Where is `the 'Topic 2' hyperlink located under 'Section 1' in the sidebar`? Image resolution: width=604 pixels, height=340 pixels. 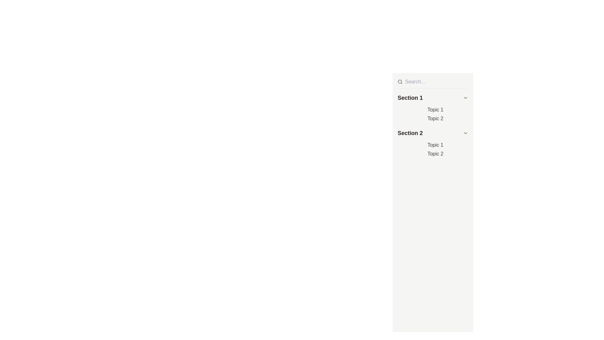
the 'Topic 2' hyperlink located under 'Section 1' in the sidebar is located at coordinates (435, 118).